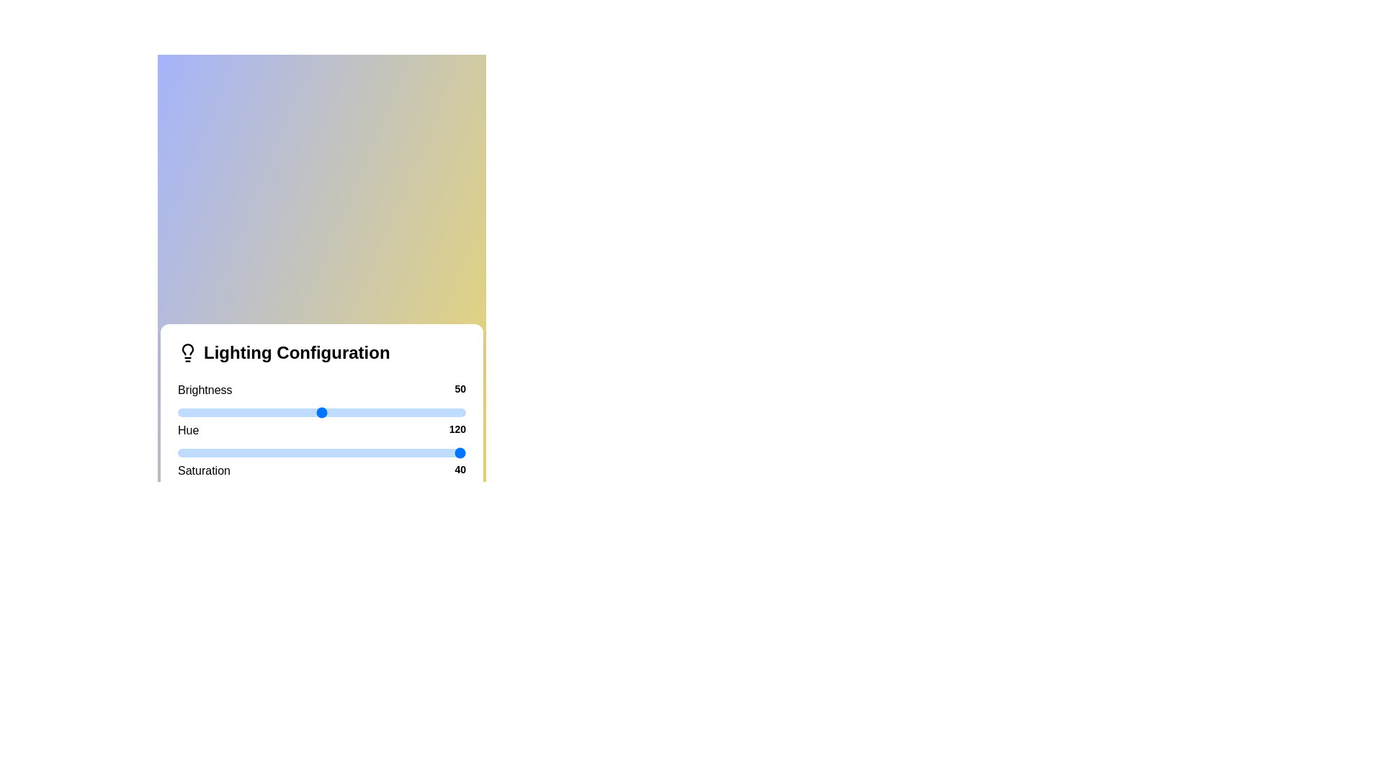  What do you see at coordinates (341, 452) in the screenshot?
I see `the hue slider to 57` at bounding box center [341, 452].